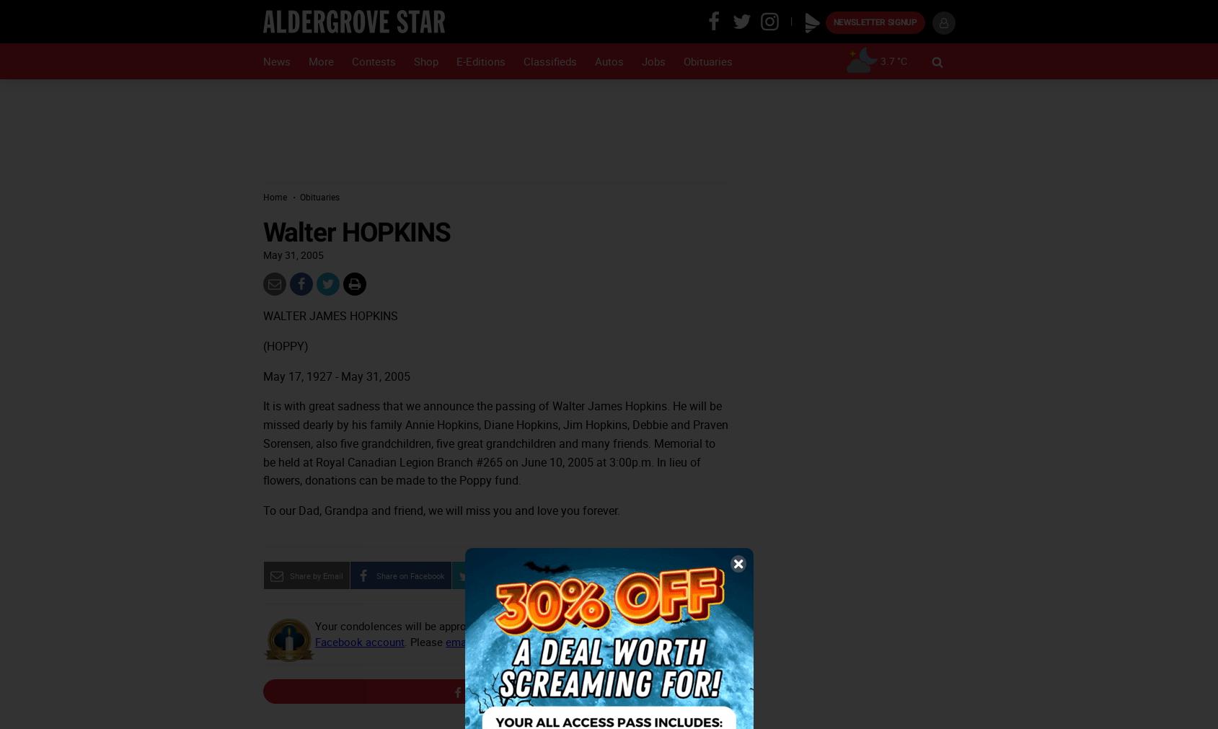 This screenshot has width=1218, height=729. Describe the element at coordinates (522, 61) in the screenshot. I see `'Classifieds'` at that location.